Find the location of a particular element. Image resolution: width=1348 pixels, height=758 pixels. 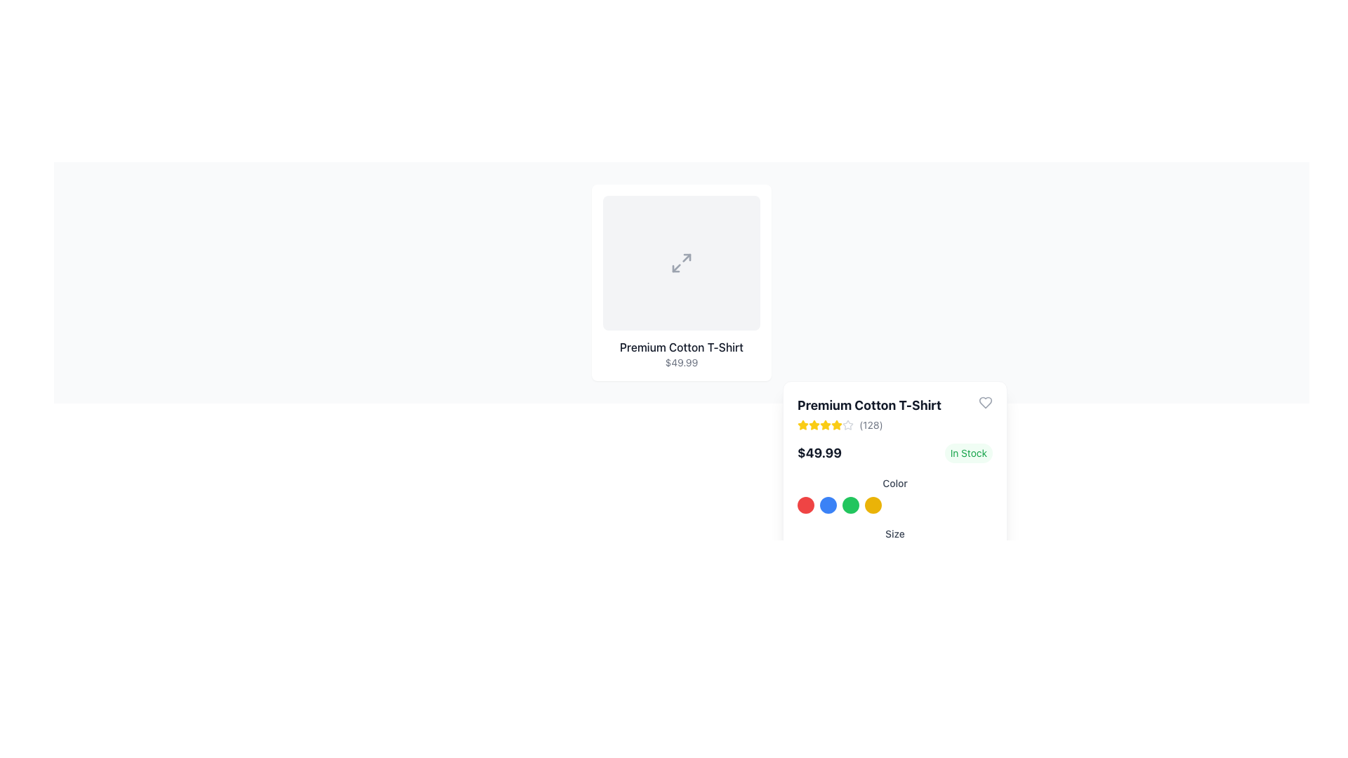

the circular yellow button with a ring-style design, which is the fourth button in a horizontal array of color buttons is located at coordinates (872, 505).